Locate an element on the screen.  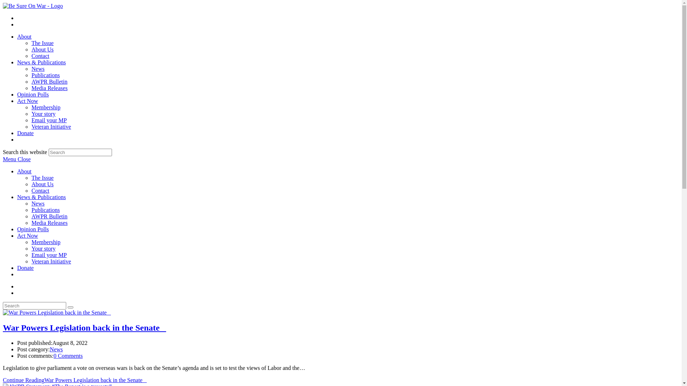
'News & Publications' is located at coordinates (41, 62).